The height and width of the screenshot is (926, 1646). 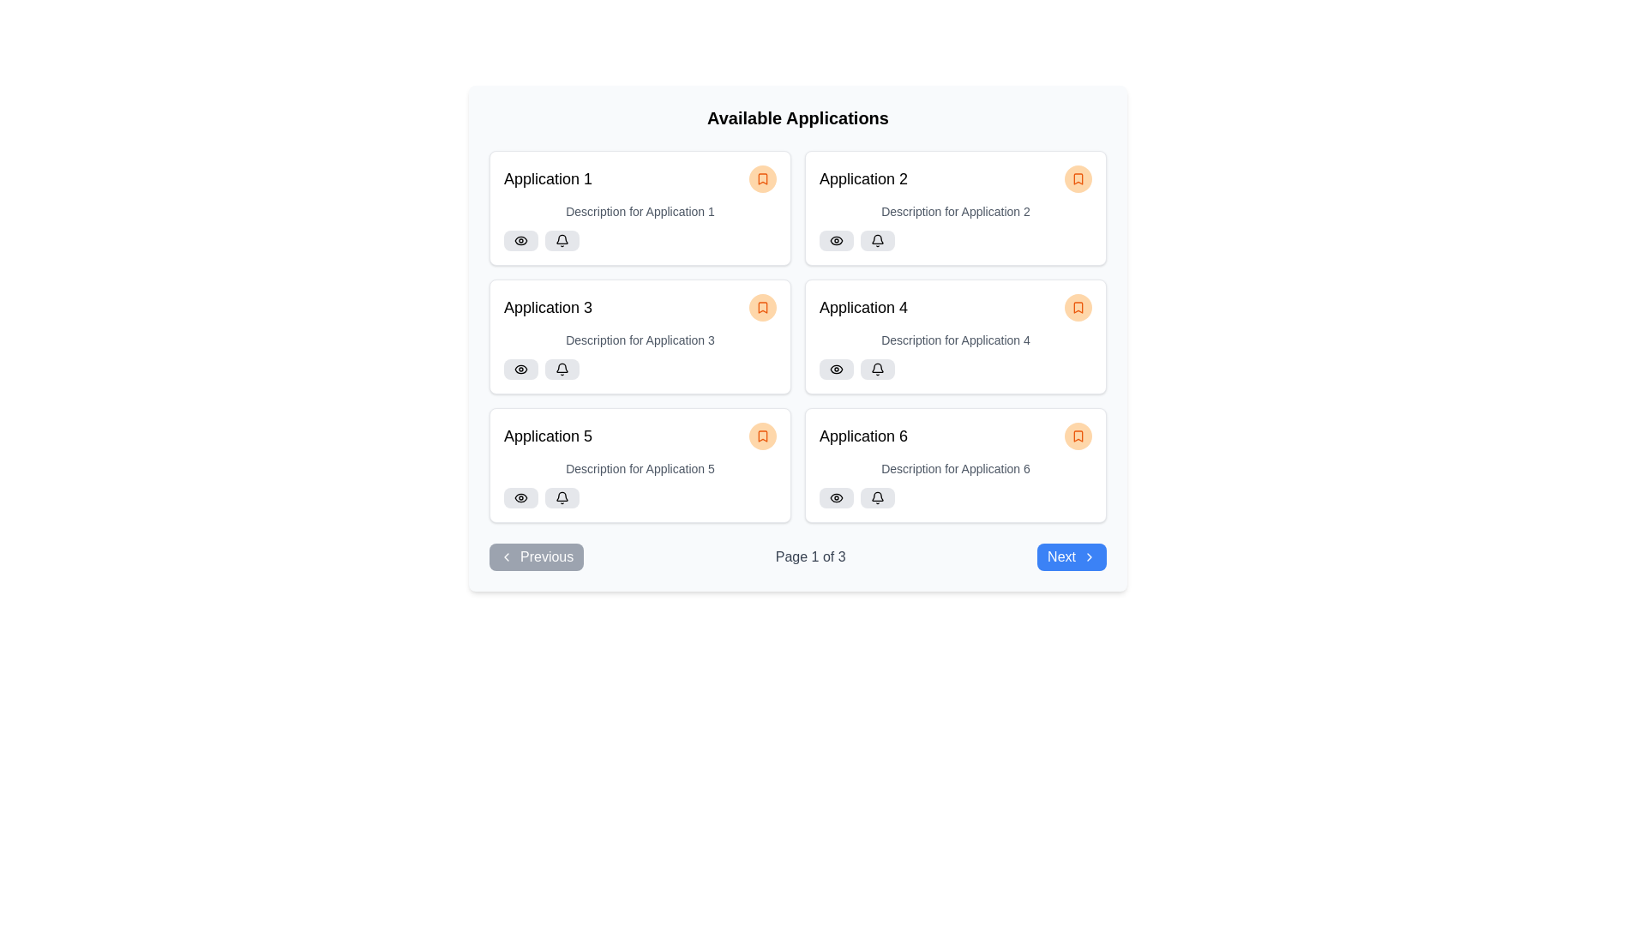 What do you see at coordinates (1077, 306) in the screenshot?
I see `the bookmark icon located in the top-right corner of the 'Application 4' card, which serves to mark an item for quick access` at bounding box center [1077, 306].